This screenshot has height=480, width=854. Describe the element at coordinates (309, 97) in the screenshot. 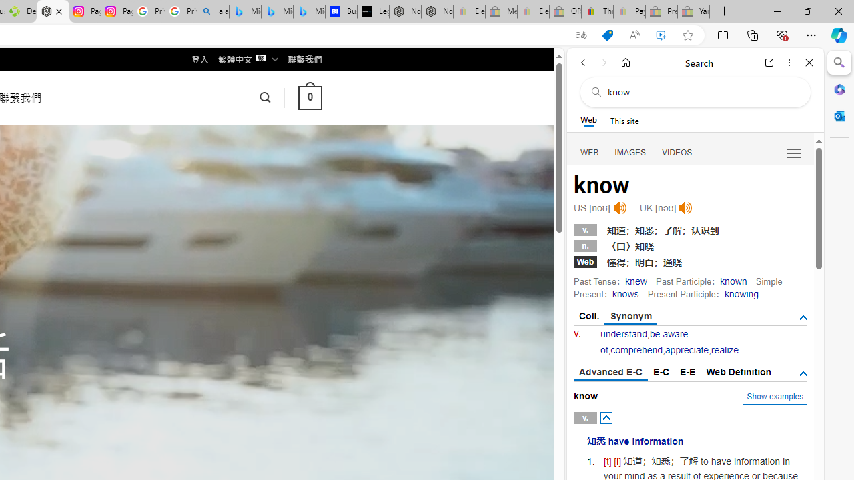

I see `'  0  '` at that location.